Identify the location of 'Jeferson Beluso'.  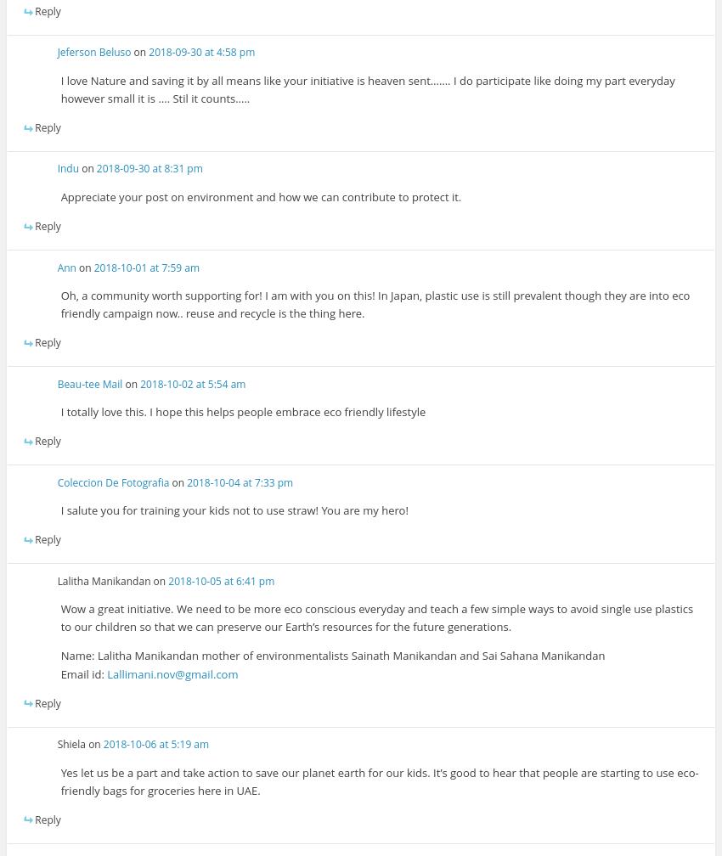
(93, 52).